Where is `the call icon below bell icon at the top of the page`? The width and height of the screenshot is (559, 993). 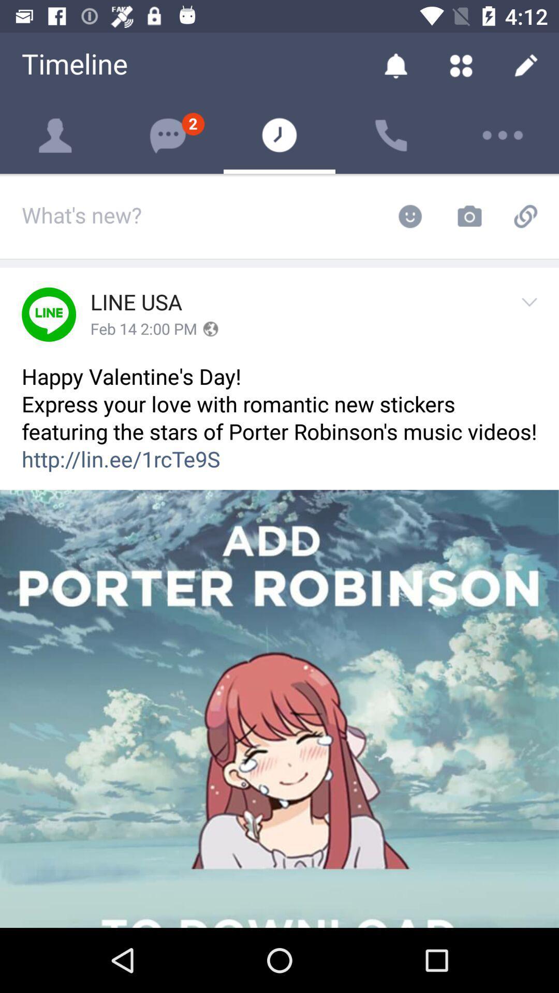
the call icon below bell icon at the top of the page is located at coordinates (391, 135).